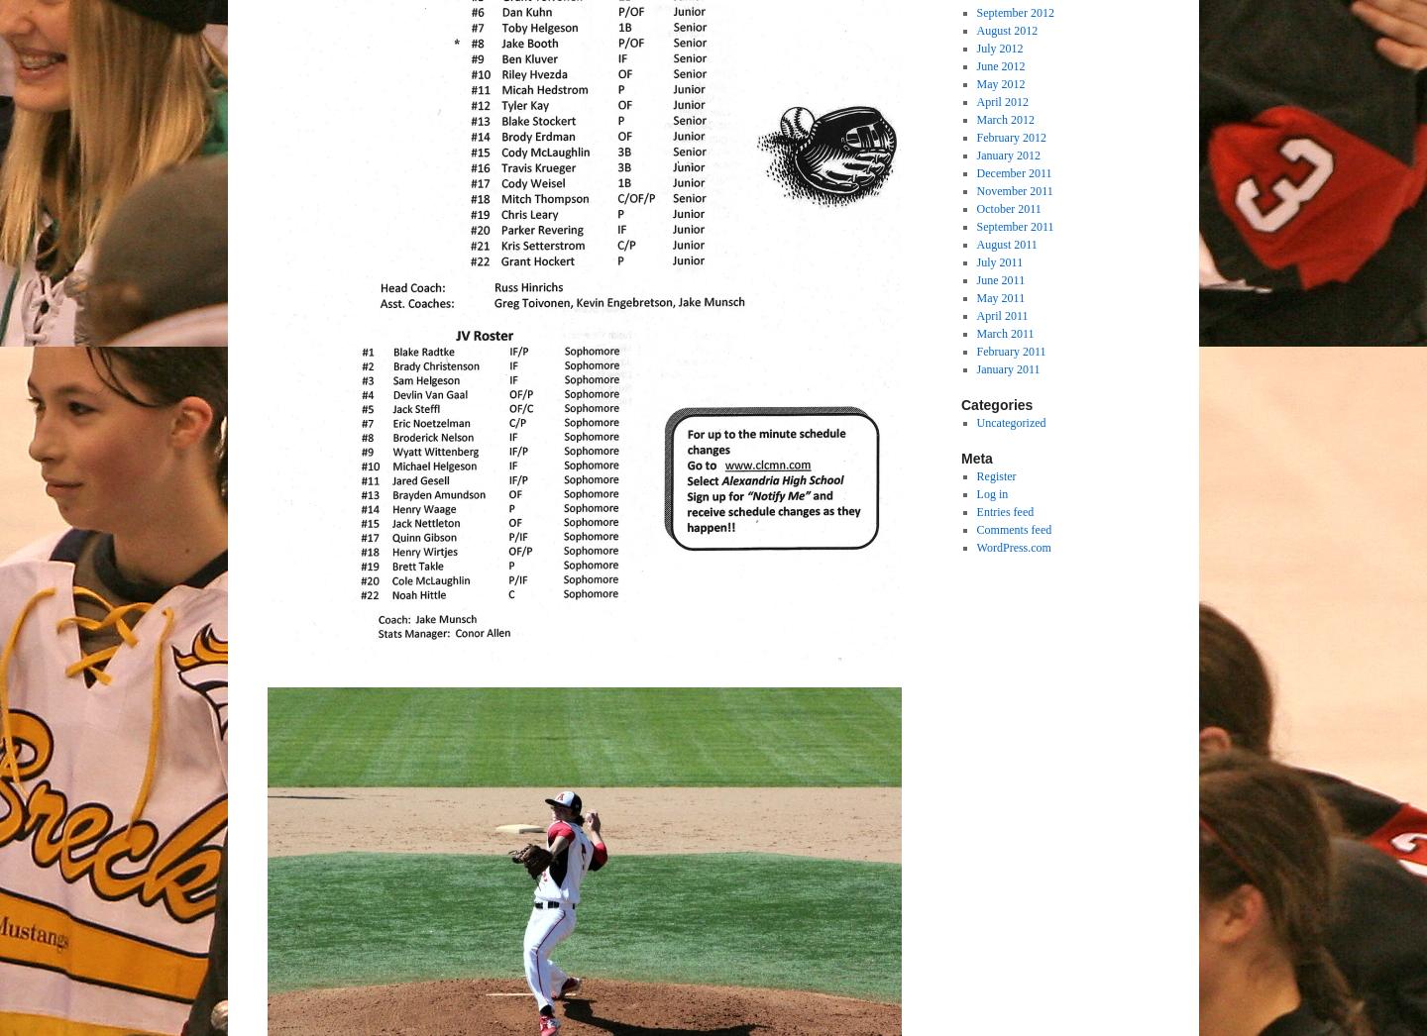 Image resolution: width=1427 pixels, height=1036 pixels. Describe the element at coordinates (1014, 11) in the screenshot. I see `'September 2012'` at that location.